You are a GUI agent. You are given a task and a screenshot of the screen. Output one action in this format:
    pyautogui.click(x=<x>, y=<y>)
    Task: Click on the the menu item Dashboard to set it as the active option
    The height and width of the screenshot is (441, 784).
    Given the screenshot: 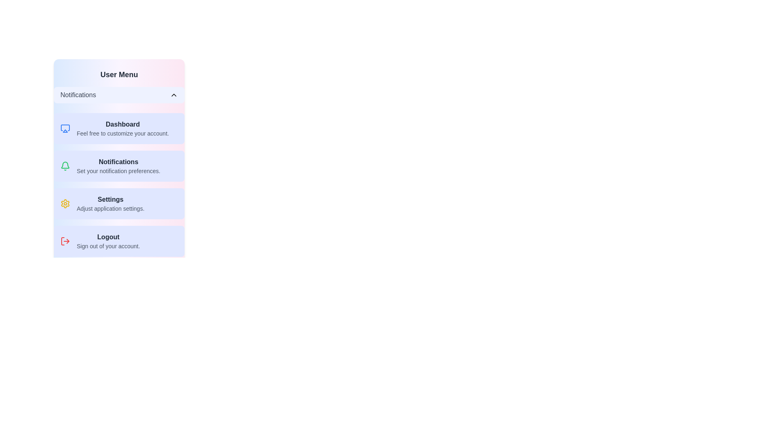 What is the action you would take?
    pyautogui.click(x=119, y=129)
    